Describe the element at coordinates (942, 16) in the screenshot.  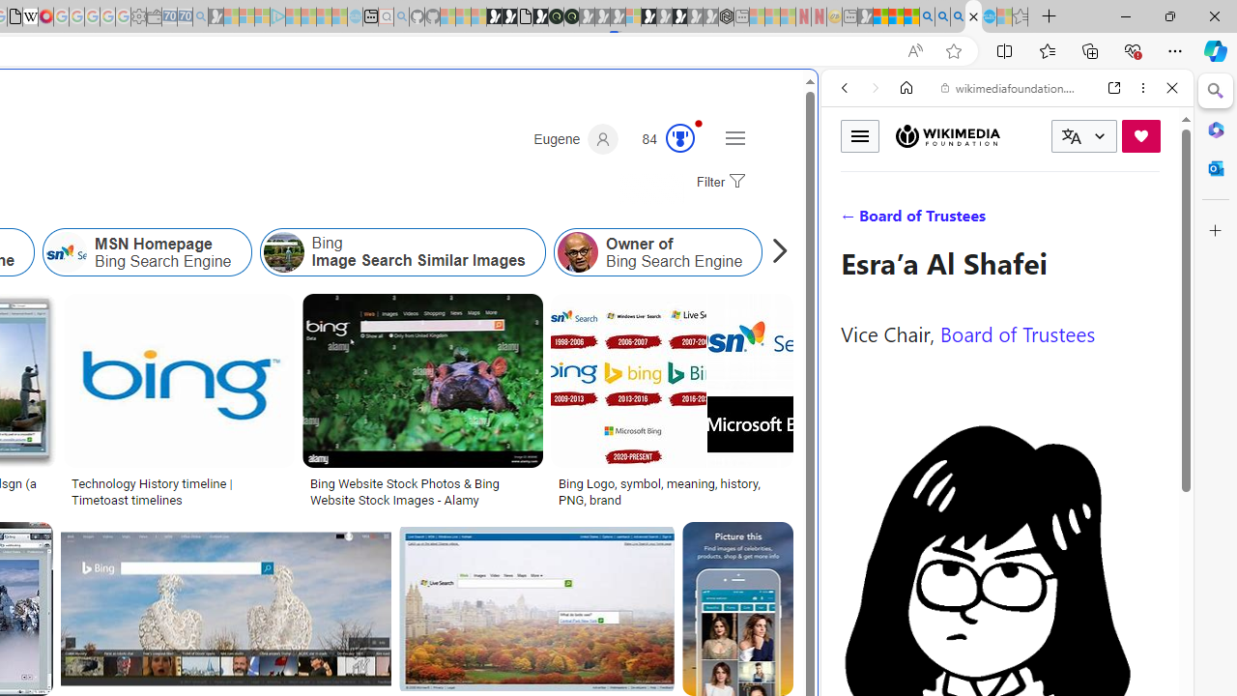
I see `'2009 Bing officially replaced Live Search on June 3 - Search'` at that location.